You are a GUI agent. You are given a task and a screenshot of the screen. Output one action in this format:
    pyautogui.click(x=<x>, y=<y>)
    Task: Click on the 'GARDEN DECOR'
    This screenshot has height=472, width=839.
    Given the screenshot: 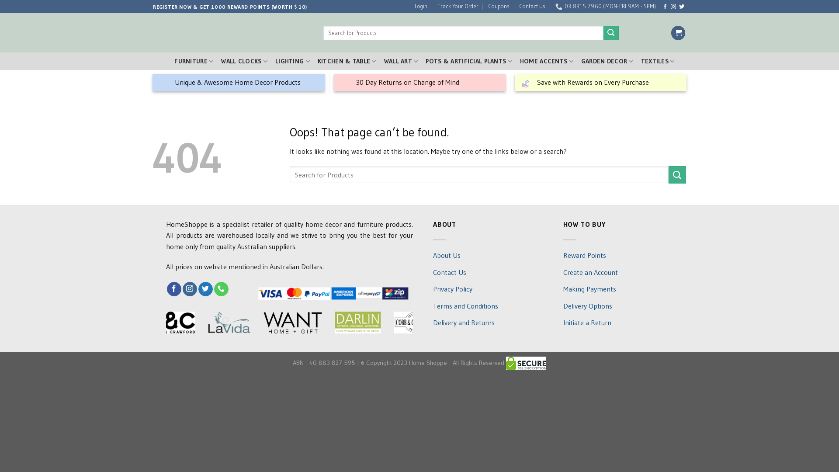 What is the action you would take?
    pyautogui.click(x=607, y=61)
    